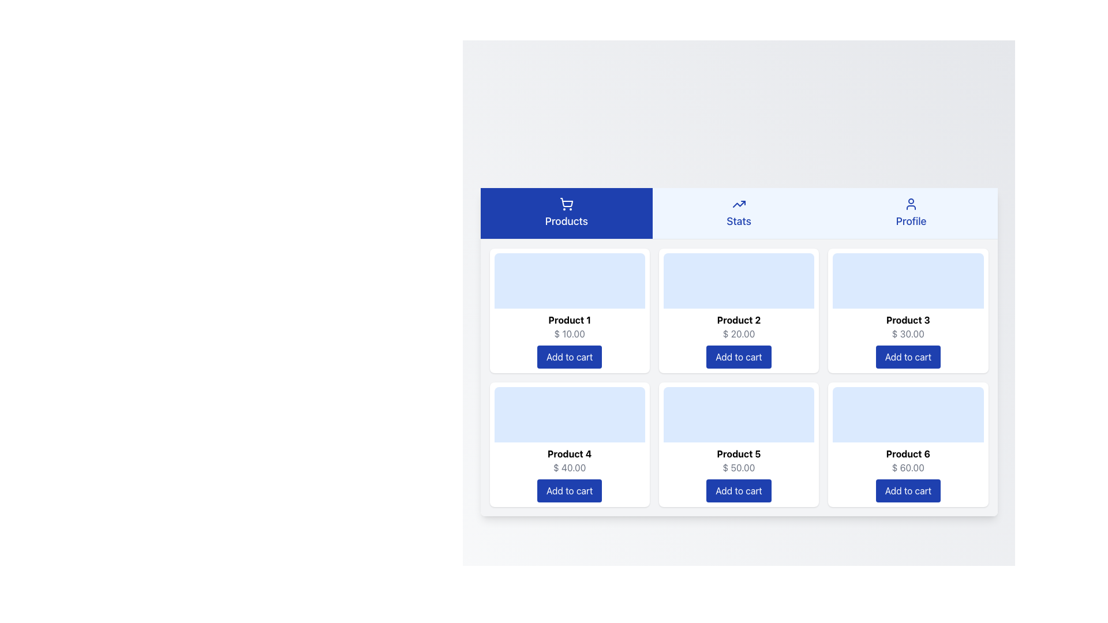 This screenshot has height=623, width=1108. Describe the element at coordinates (739, 213) in the screenshot. I see `the second item in the top center navigation bar labeled for accessing statistical data` at that location.